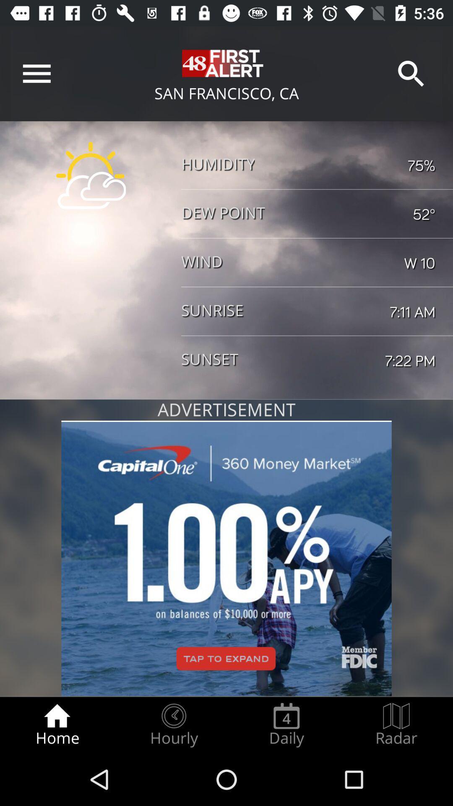 This screenshot has width=453, height=806. I want to click on advertising, so click(226, 558).